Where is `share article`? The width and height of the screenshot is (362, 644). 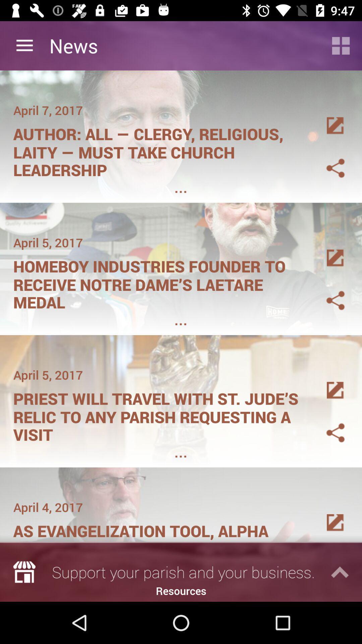
share article is located at coordinates (327, 292).